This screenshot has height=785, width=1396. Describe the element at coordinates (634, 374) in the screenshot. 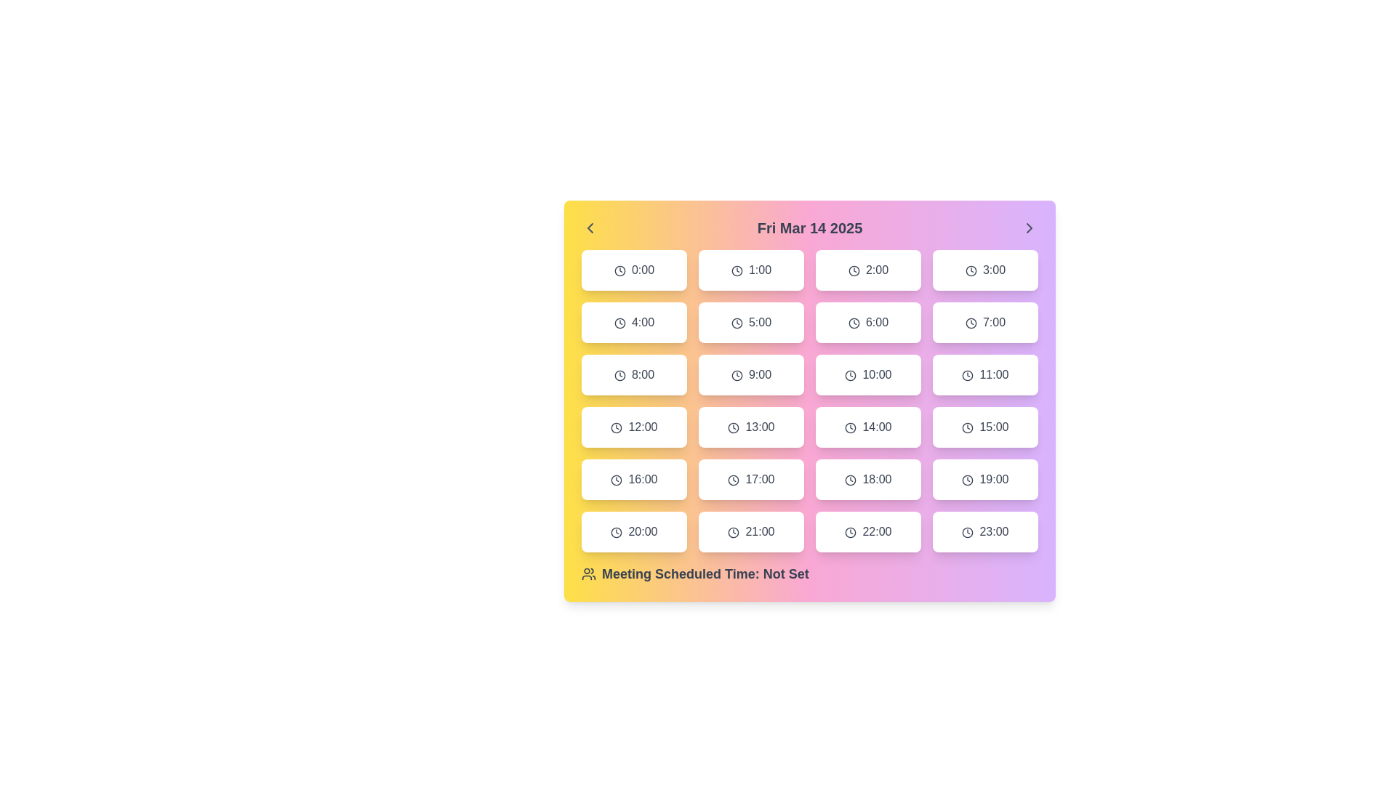

I see `the rectangular button displaying the time '8:00' with rounded corners for potential rearrangement` at that location.